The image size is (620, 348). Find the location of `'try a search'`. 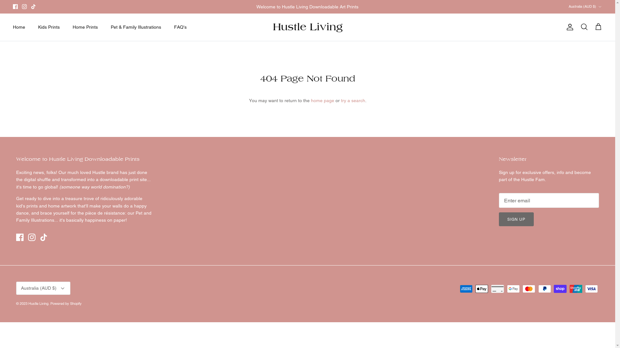

'try a search' is located at coordinates (353, 101).